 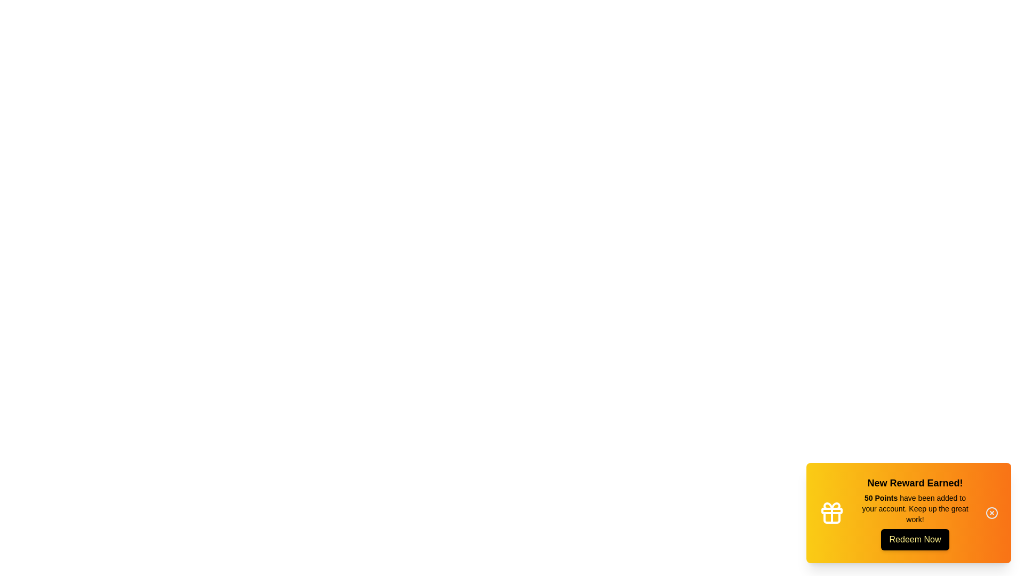 What do you see at coordinates (991, 512) in the screenshot?
I see `the interactive element 'Close button' to trigger its visual effect` at bounding box center [991, 512].